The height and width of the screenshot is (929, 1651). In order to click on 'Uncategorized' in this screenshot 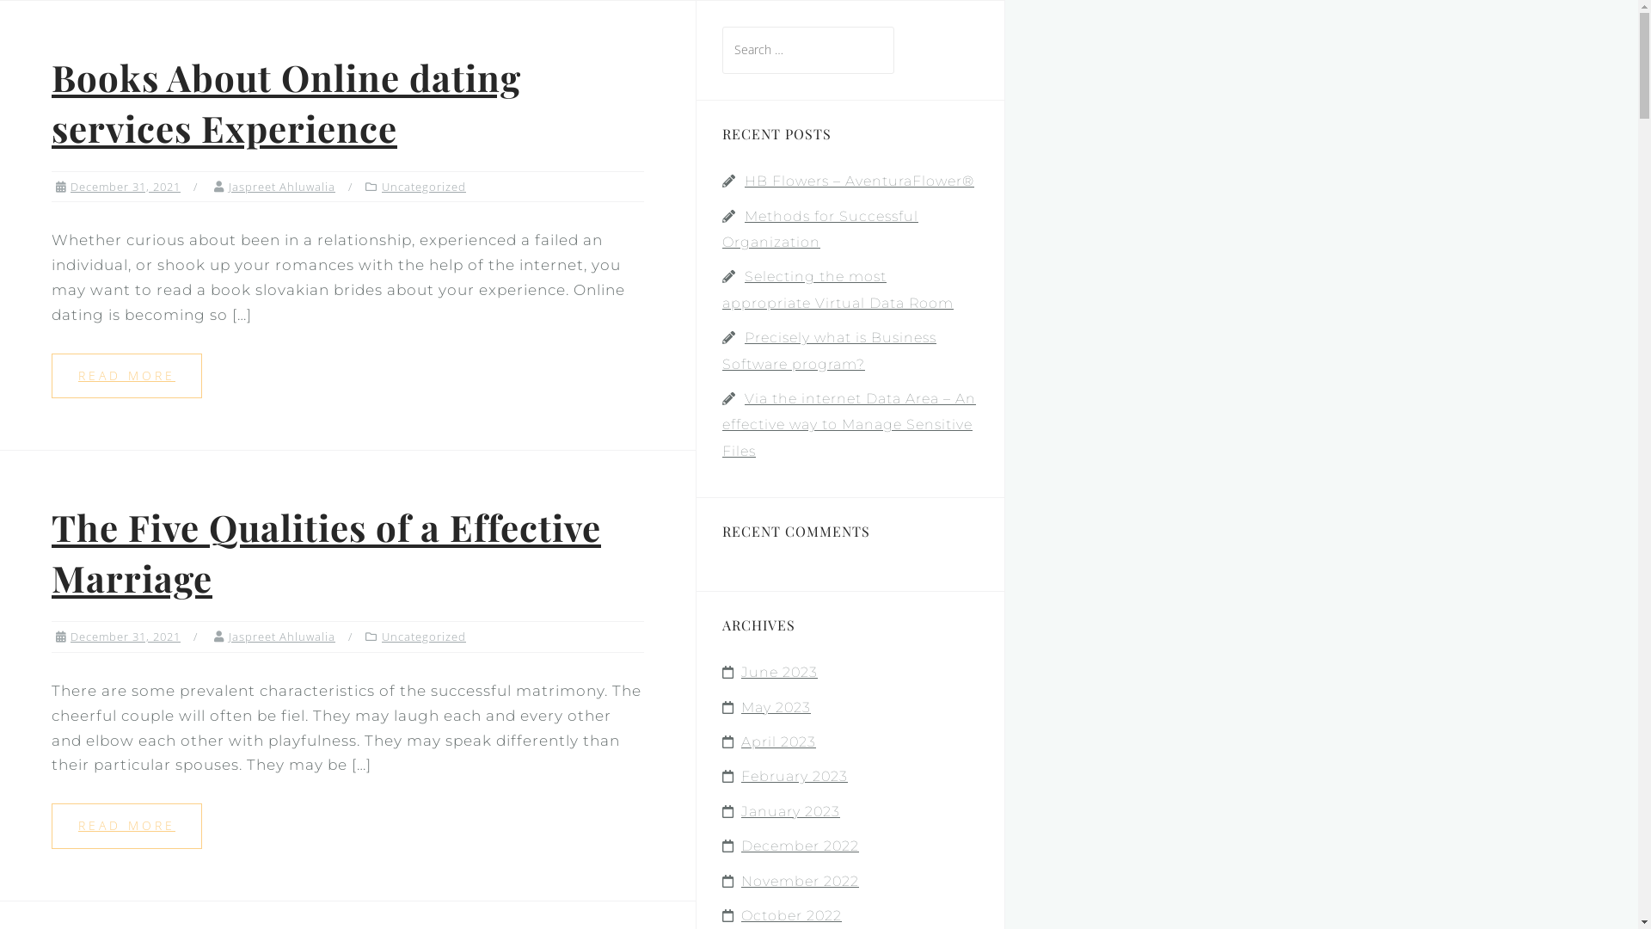, I will do `click(424, 186)`.